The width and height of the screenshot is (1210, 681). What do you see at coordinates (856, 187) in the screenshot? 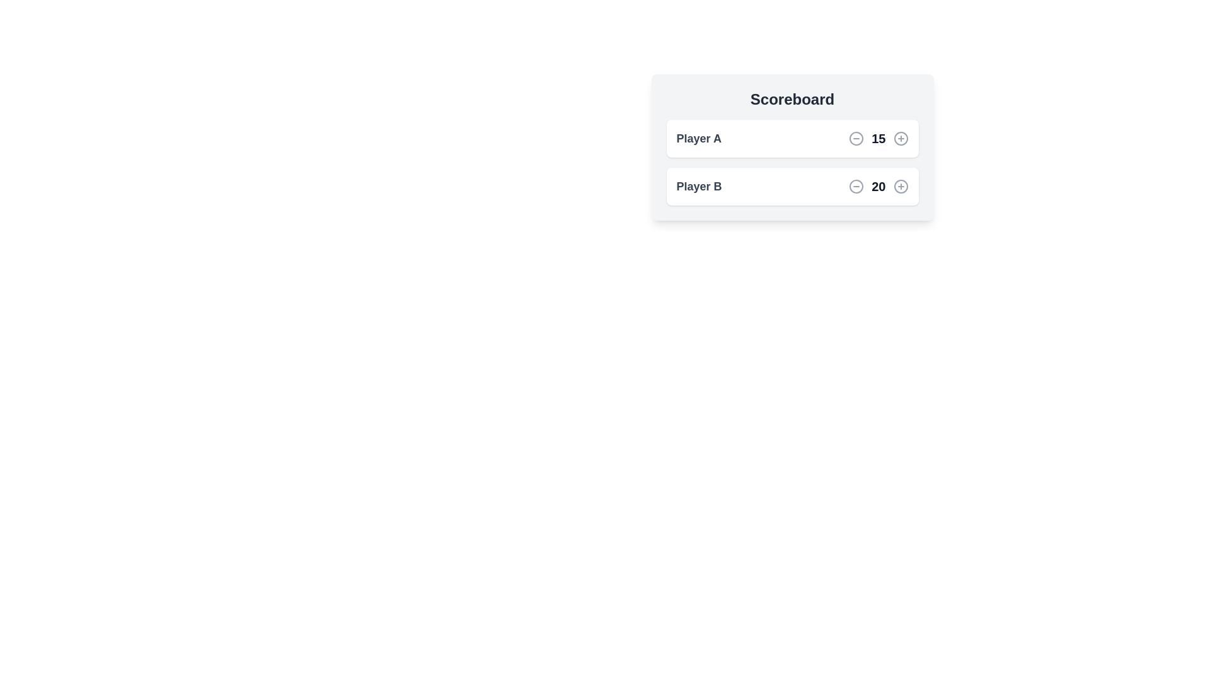
I see `the inner circle of the minus-circle icon, which is part of the second row in the scoreboard UI for 'Player B'` at bounding box center [856, 187].